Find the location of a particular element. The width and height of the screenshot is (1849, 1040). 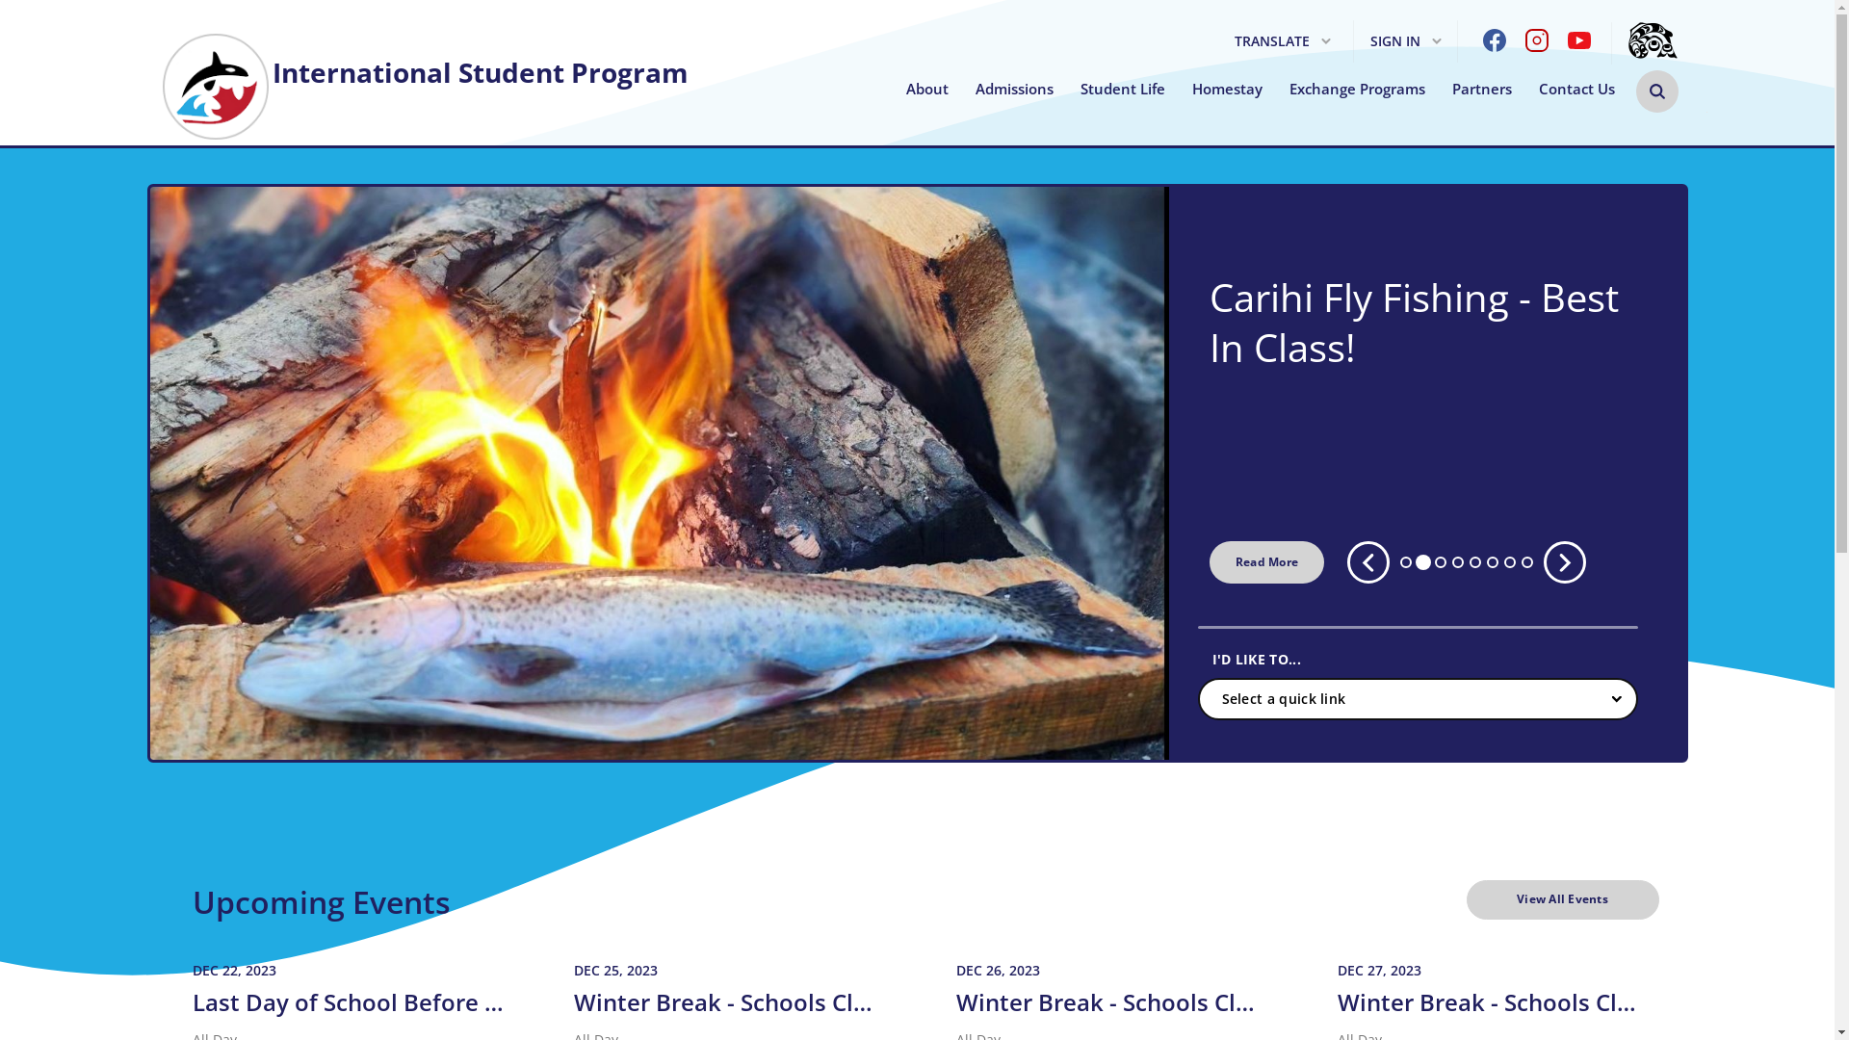

'View All Events' is located at coordinates (1562, 898).